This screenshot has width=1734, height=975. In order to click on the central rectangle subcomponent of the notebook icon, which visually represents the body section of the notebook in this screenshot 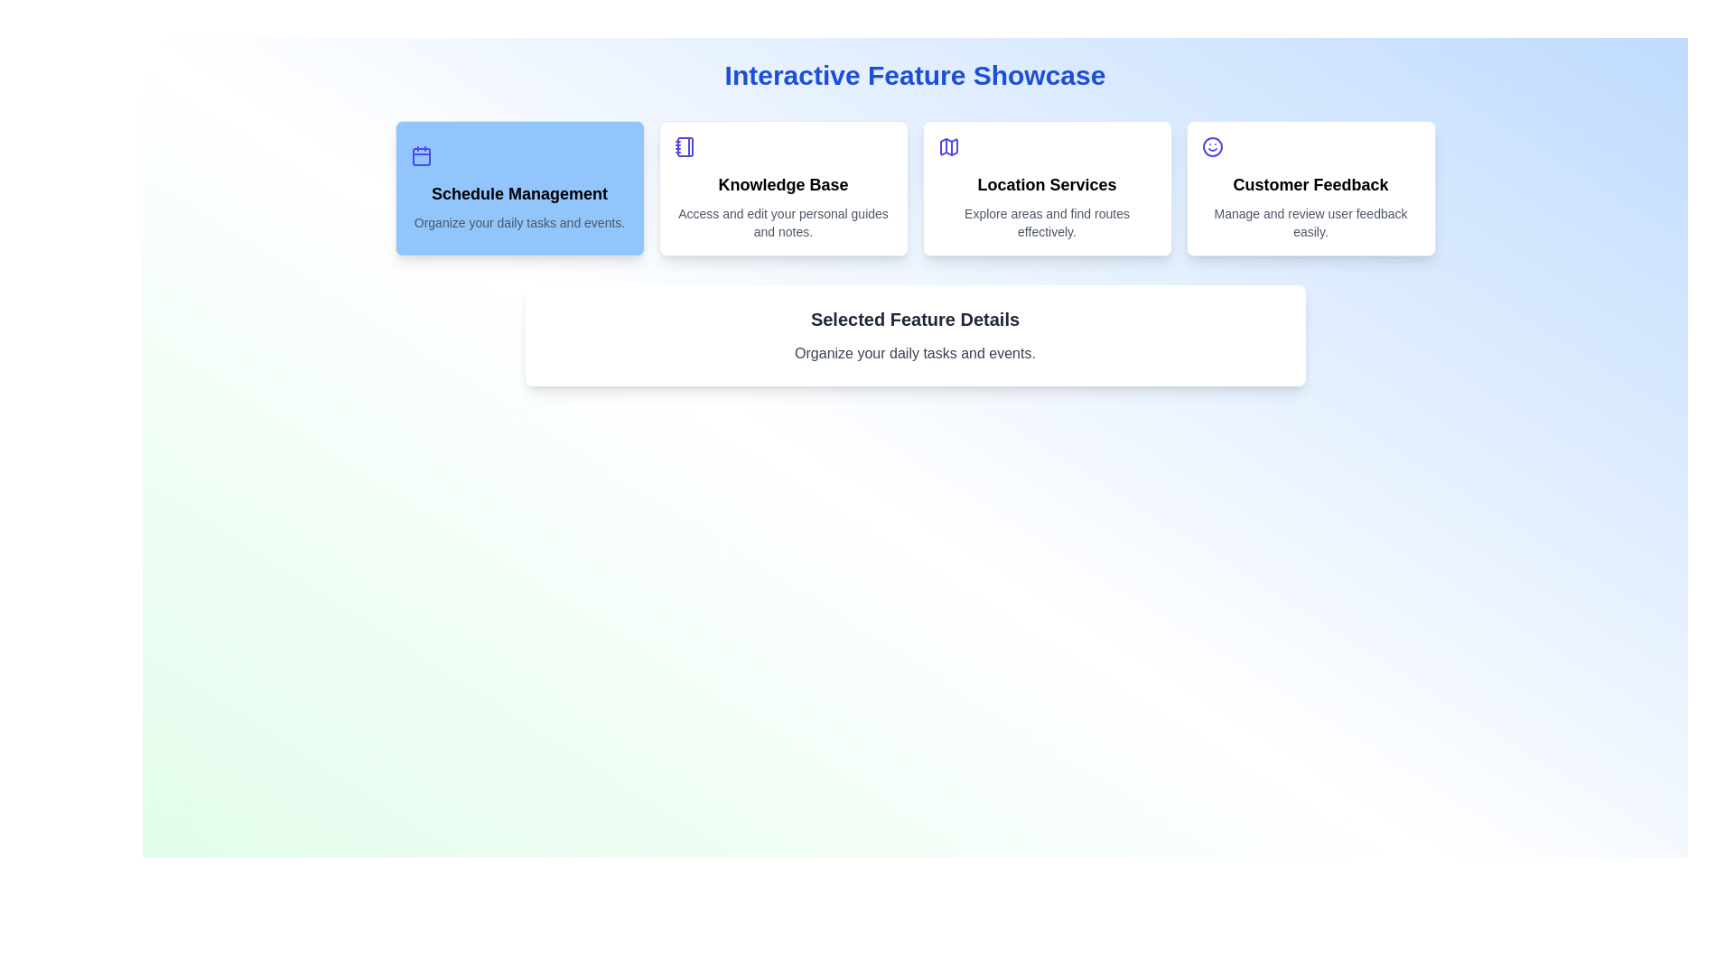, I will do `click(684, 145)`.